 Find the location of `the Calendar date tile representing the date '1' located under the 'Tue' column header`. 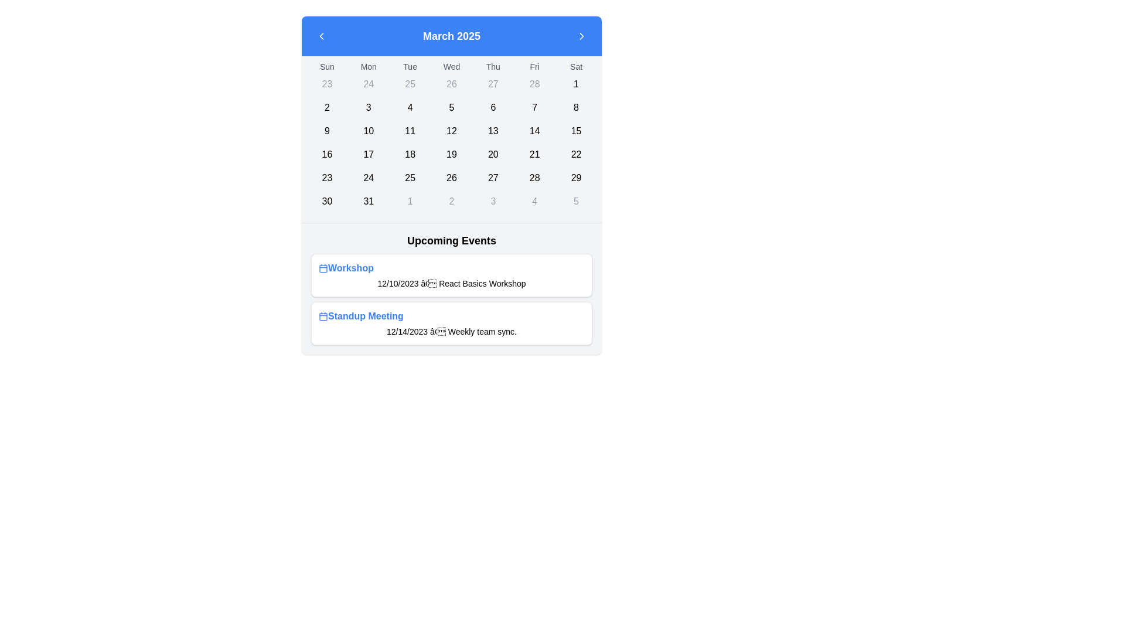

the Calendar date tile representing the date '1' located under the 'Tue' column header is located at coordinates (410, 200).